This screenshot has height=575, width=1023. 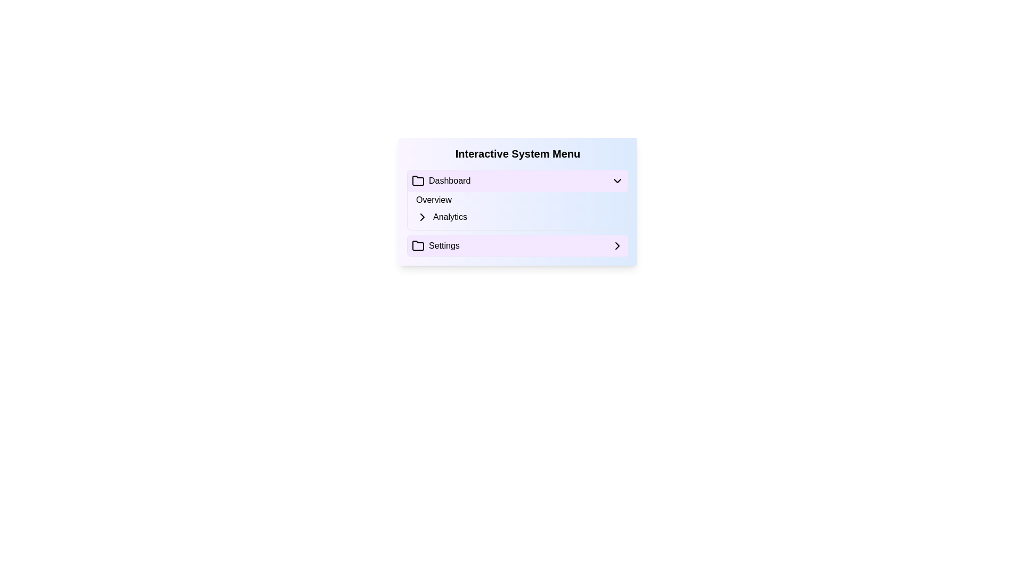 I want to click on the 'Interactive System Menu' which is a composite UI component containing several clickable menu items, including 'Dashboard', 'Overview', and 'Settings', so click(x=517, y=201).